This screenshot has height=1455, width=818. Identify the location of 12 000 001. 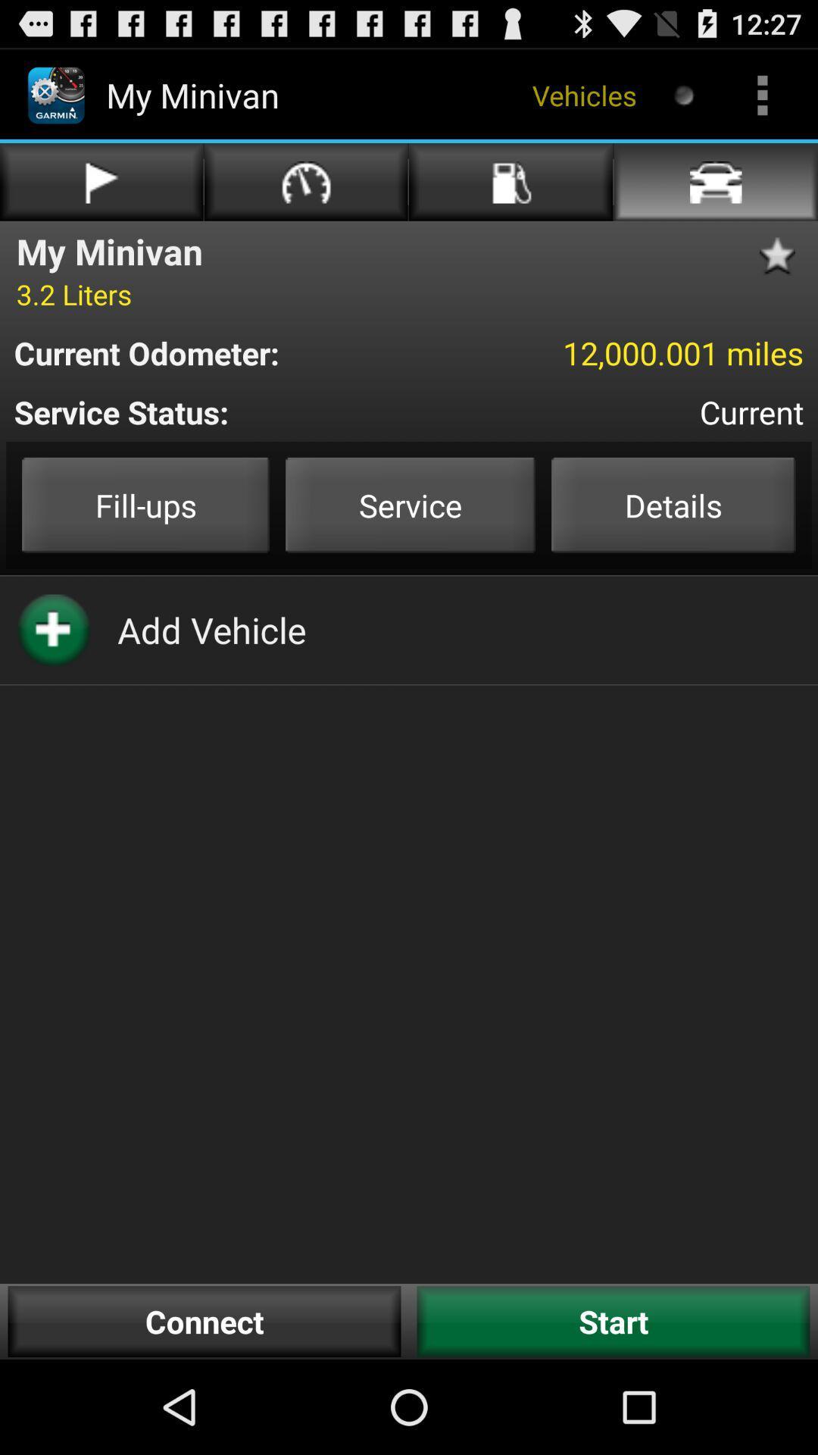
(611, 352).